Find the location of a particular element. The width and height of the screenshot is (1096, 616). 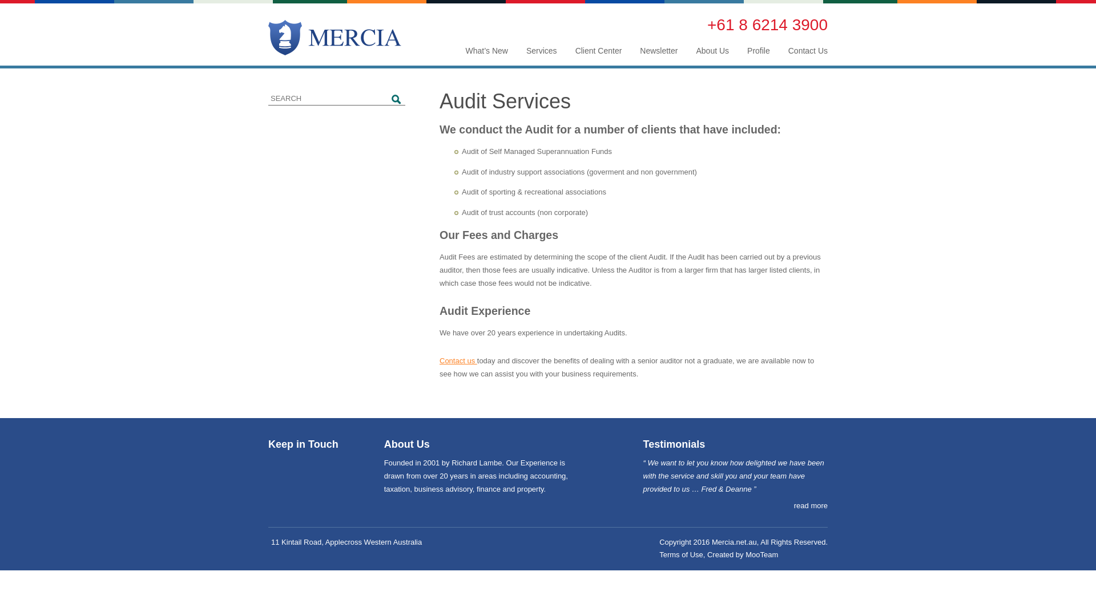

'read more' is located at coordinates (810, 505).